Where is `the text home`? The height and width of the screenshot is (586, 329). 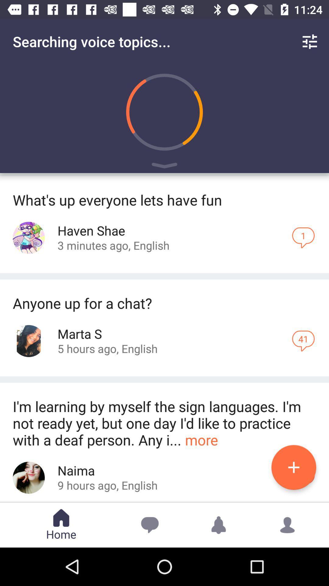 the text home is located at coordinates (61, 525).